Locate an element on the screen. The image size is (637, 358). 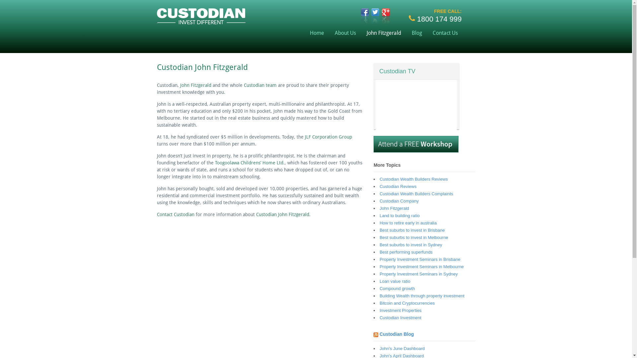
'Property Investment Seminars in Melbourne' is located at coordinates (379, 266).